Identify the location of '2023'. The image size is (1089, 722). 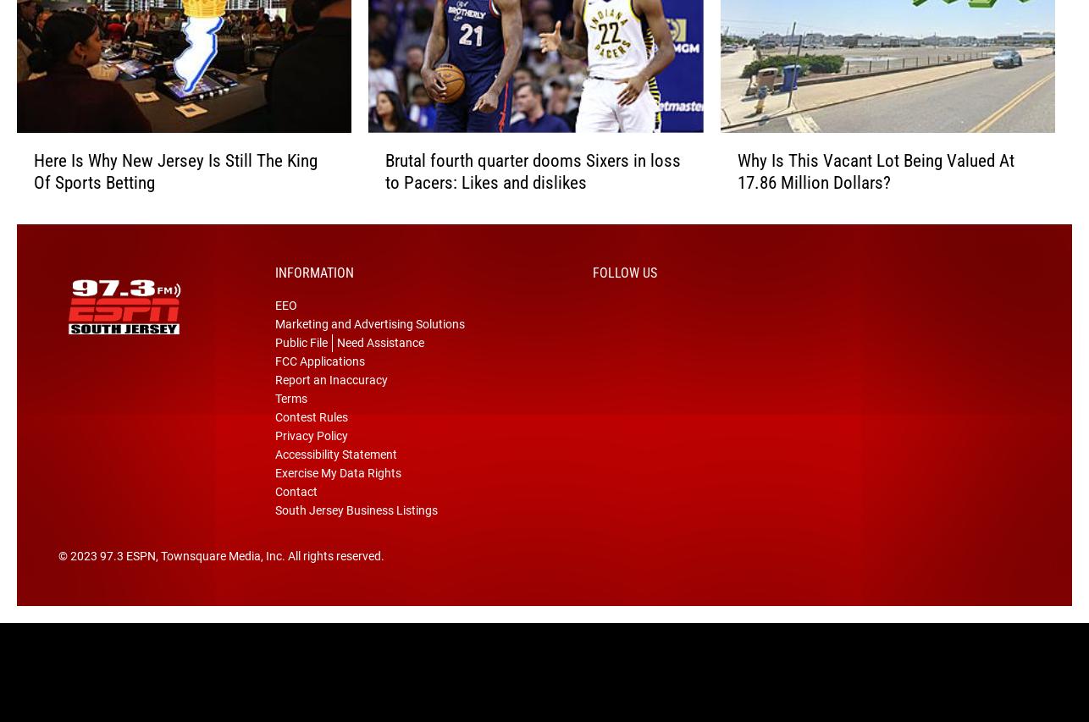
(84, 581).